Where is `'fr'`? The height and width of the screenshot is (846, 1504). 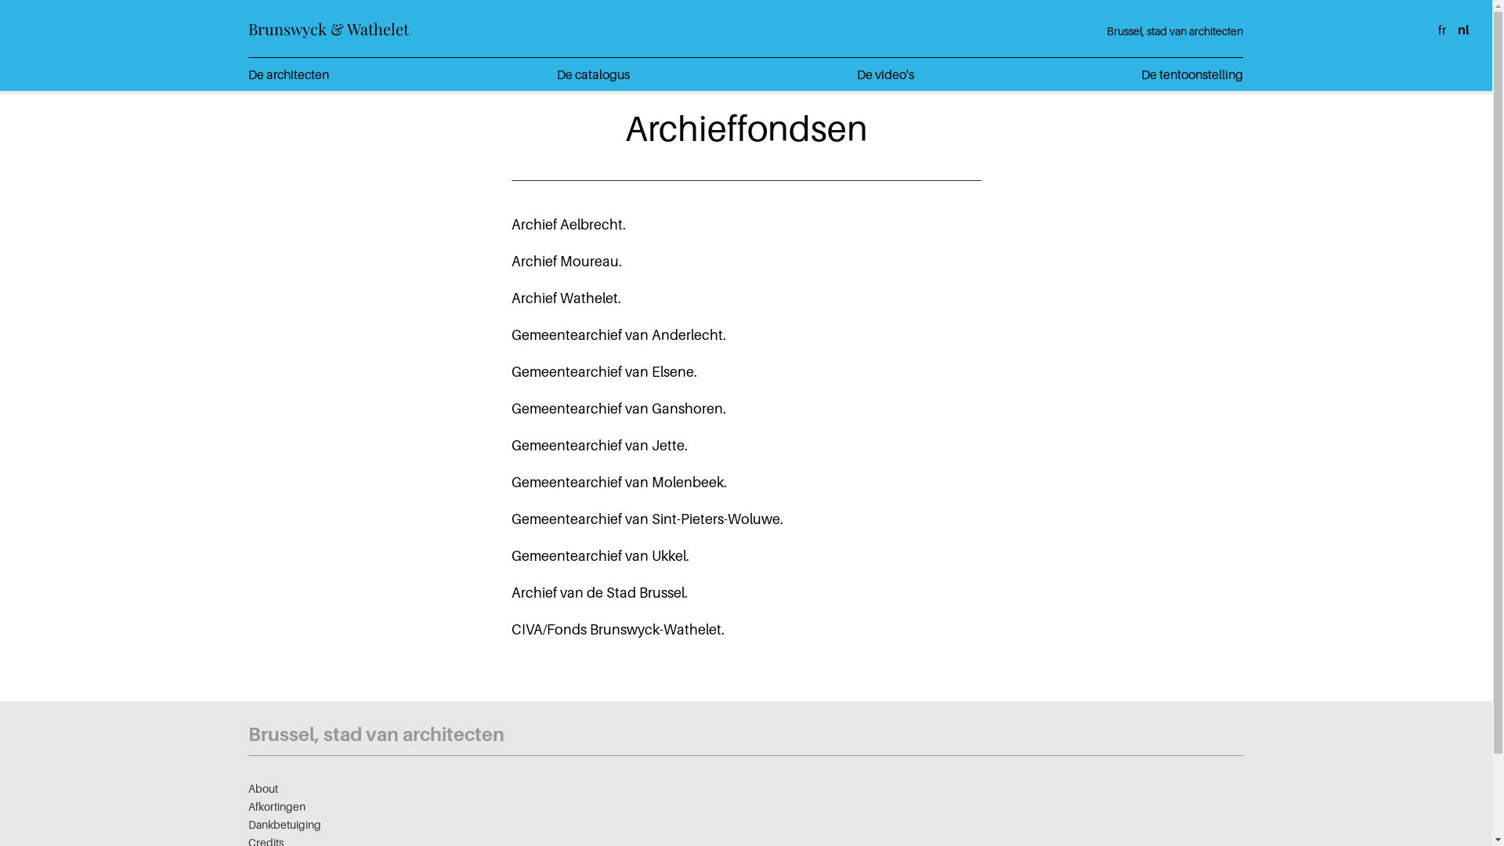 'fr' is located at coordinates (1441, 30).